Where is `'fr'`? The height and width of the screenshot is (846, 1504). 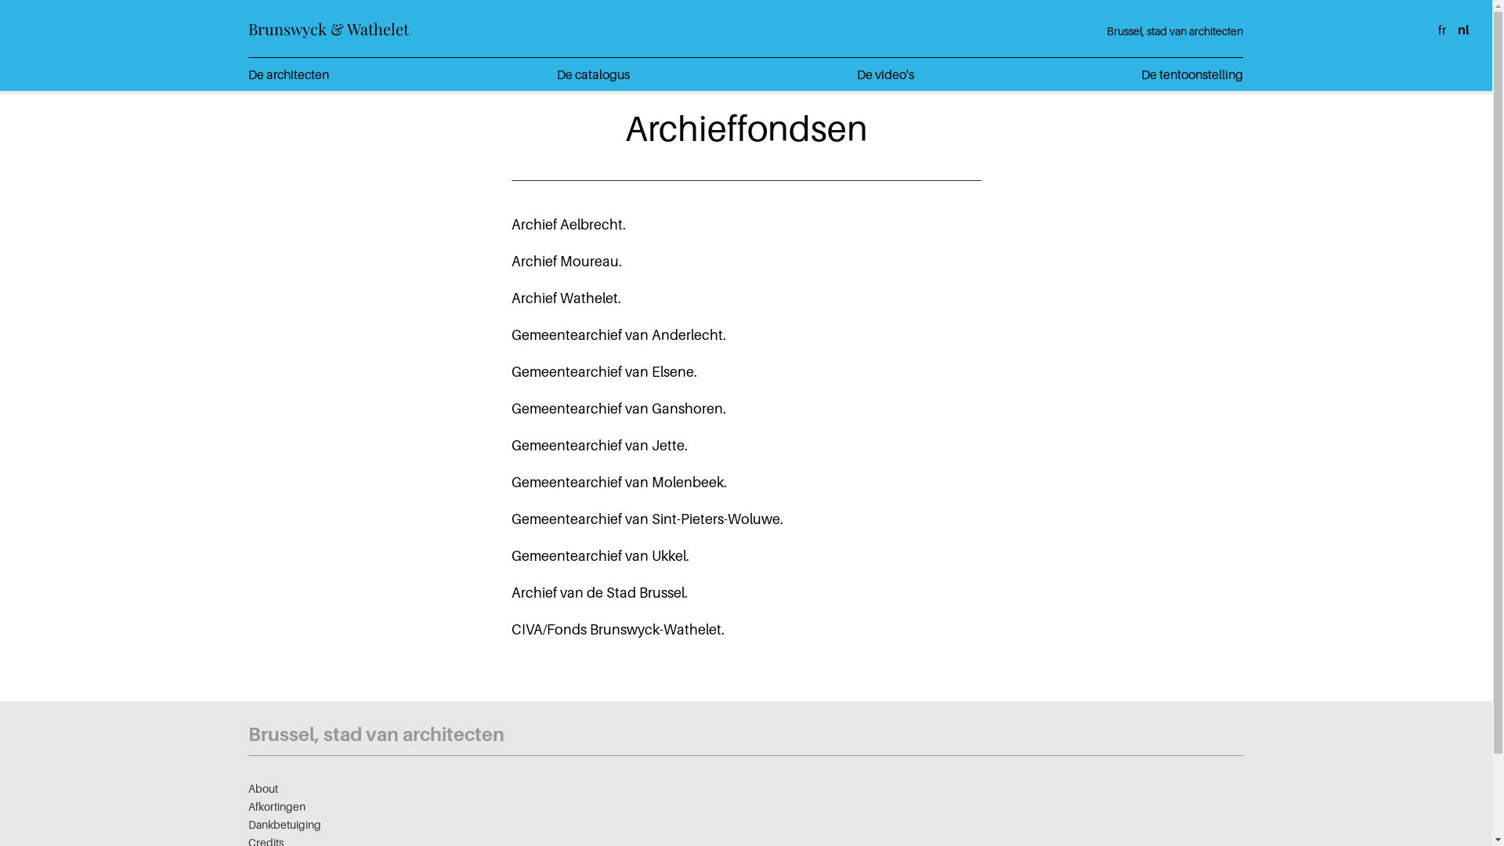 'fr' is located at coordinates (1441, 30).